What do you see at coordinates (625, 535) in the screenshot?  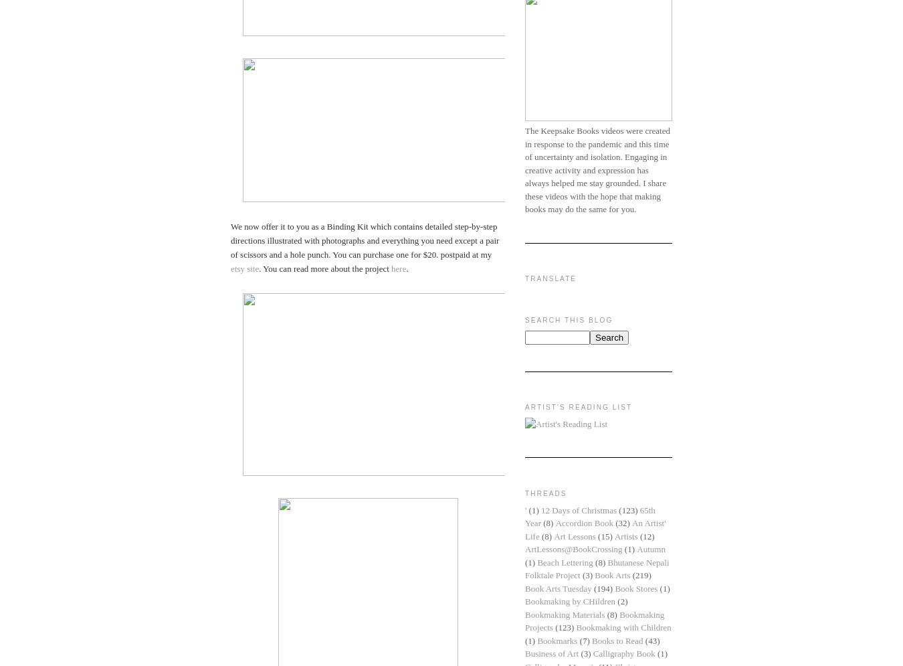 I see `'Artists'` at bounding box center [625, 535].